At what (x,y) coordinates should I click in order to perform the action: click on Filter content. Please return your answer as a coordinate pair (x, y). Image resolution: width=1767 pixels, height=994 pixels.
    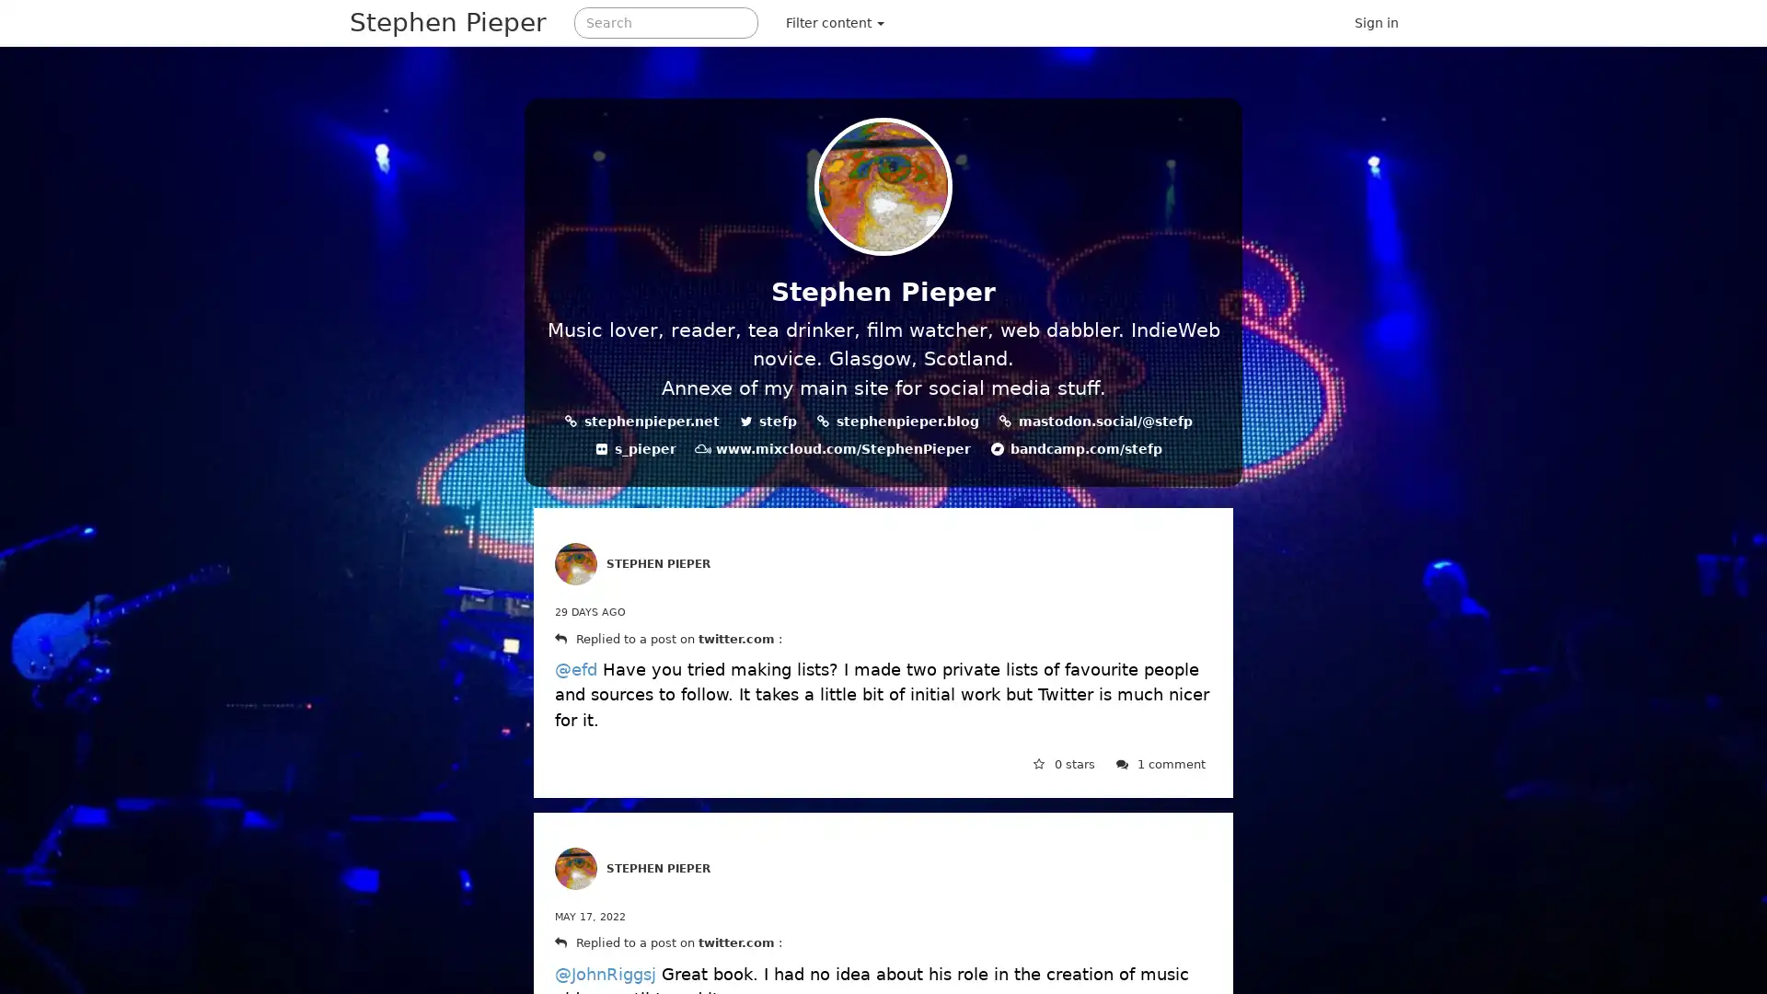
    Looking at the image, I should click on (834, 22).